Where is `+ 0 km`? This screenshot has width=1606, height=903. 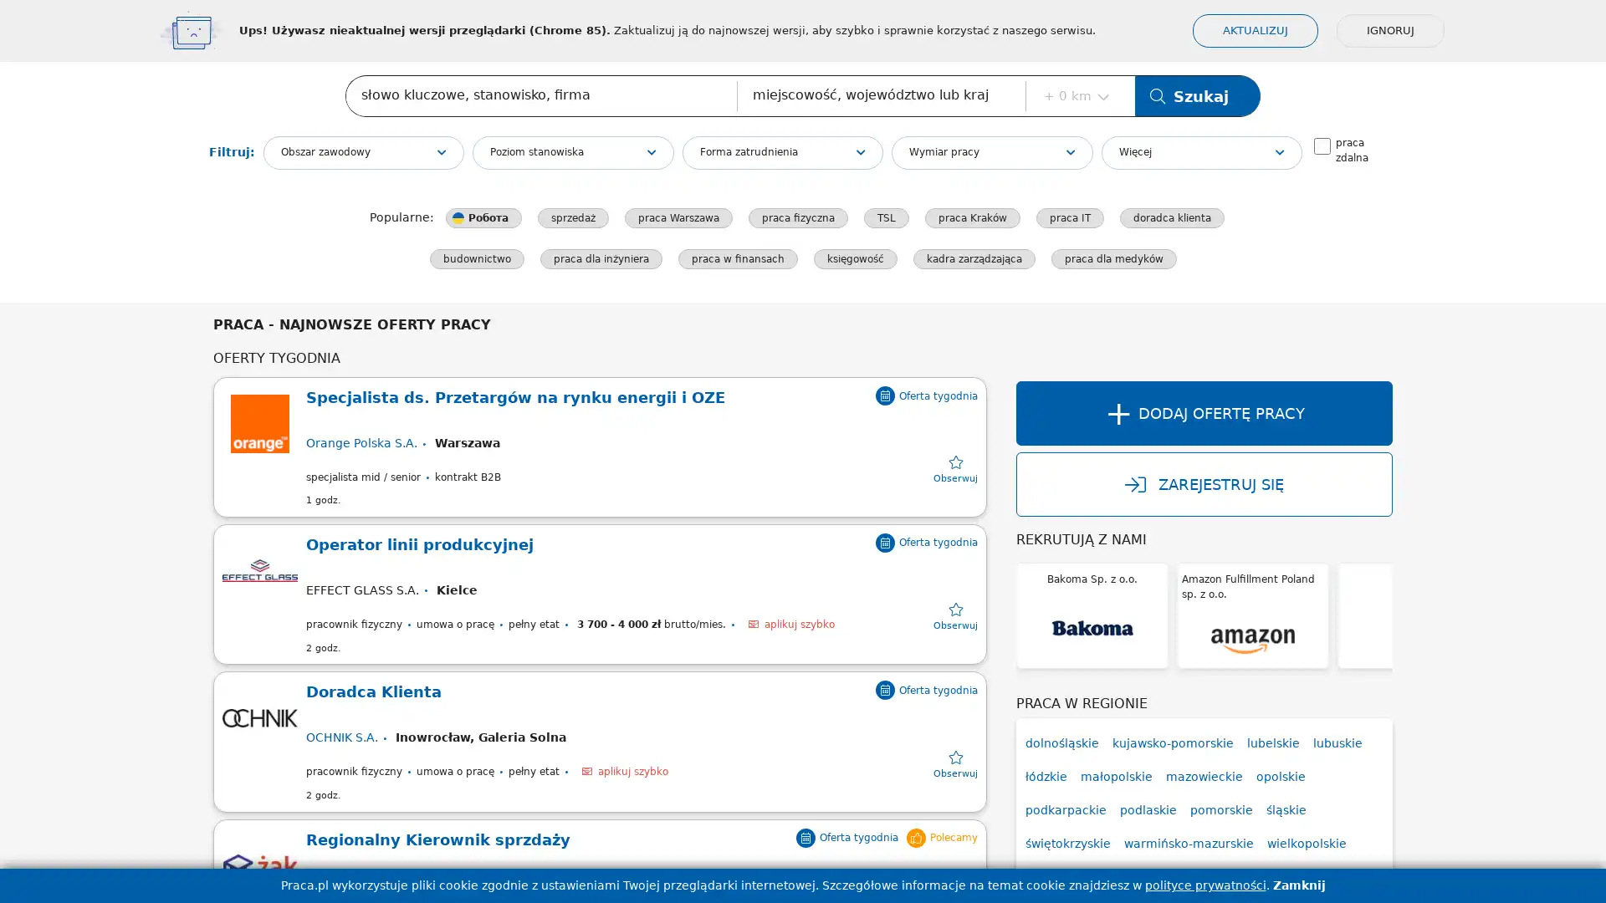
+ 0 km is located at coordinates (1080, 95).